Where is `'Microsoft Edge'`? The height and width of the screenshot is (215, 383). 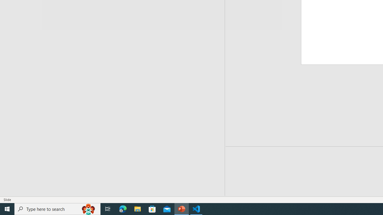
'Microsoft Edge' is located at coordinates (123, 208).